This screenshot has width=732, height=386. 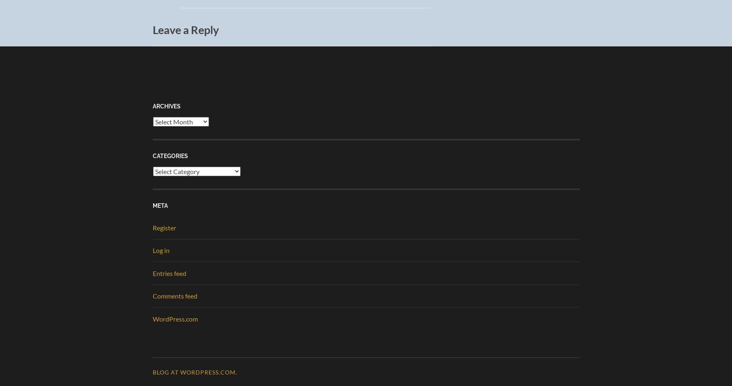 I want to click on 'Categories', so click(x=170, y=155).